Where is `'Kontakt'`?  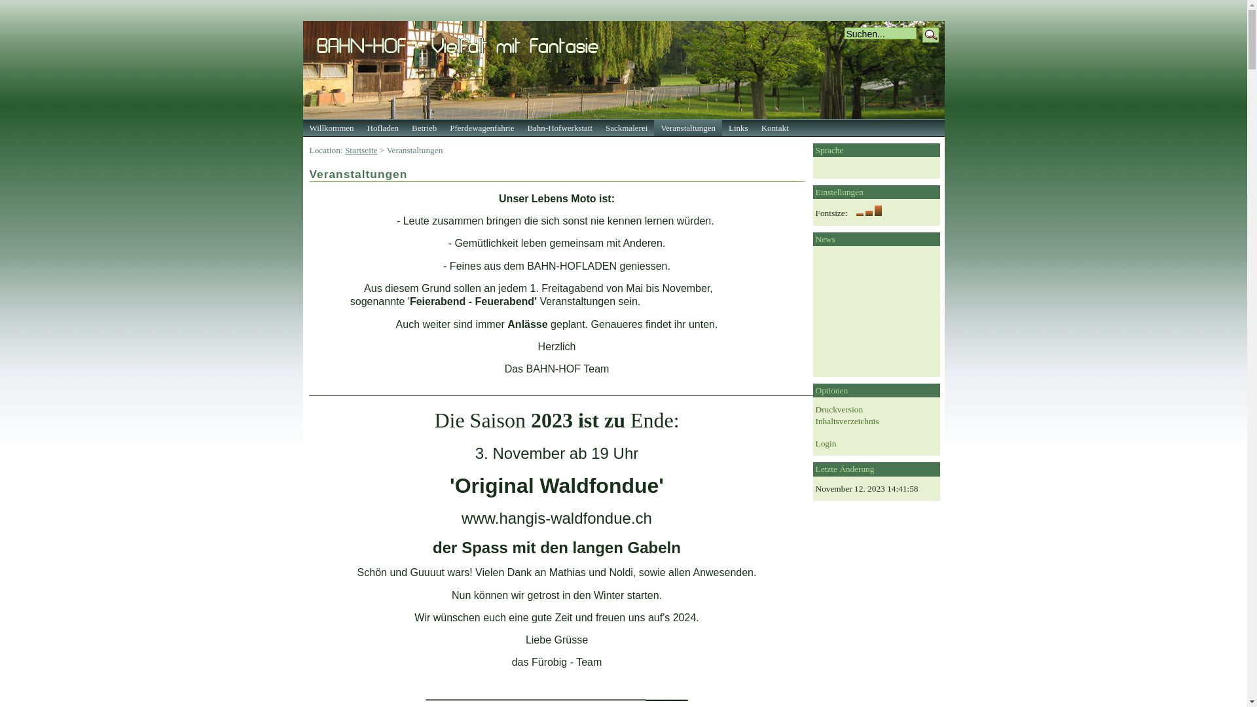
'Kontakt' is located at coordinates (775, 128).